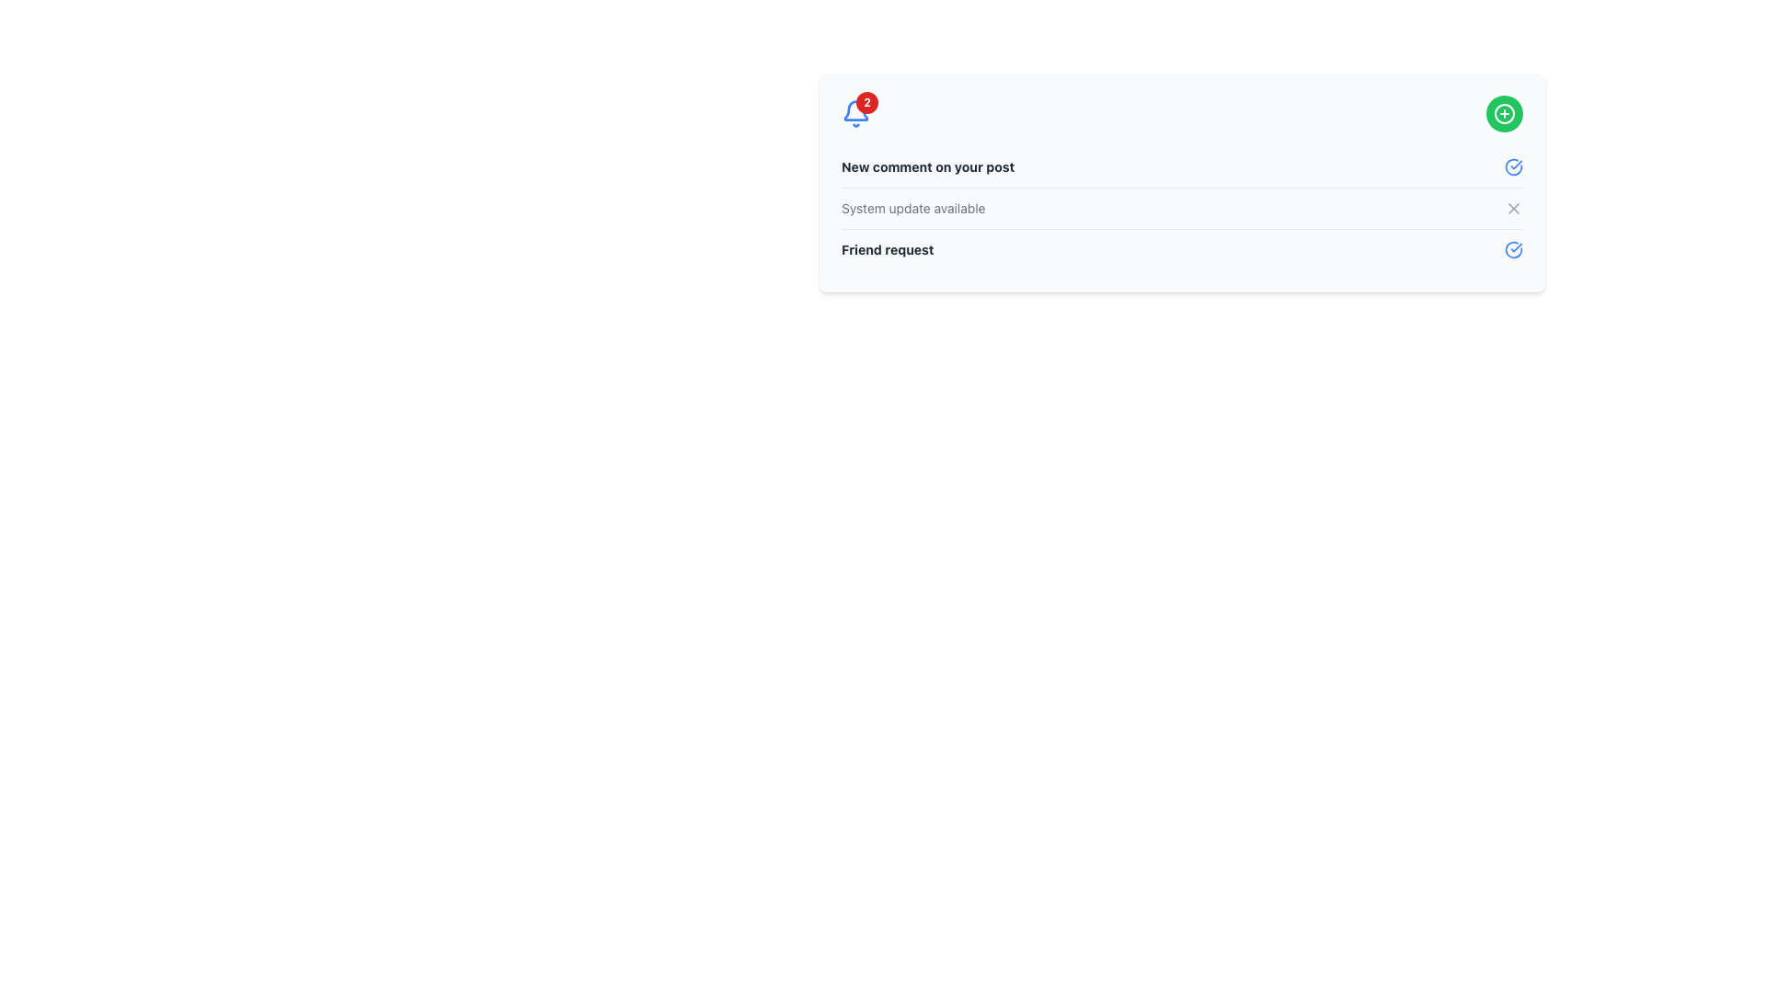 This screenshot has width=1766, height=993. Describe the element at coordinates (1514, 208) in the screenshot. I see `the close X icon located at the middle right of the list item, which is styled as an SVG icon` at that location.